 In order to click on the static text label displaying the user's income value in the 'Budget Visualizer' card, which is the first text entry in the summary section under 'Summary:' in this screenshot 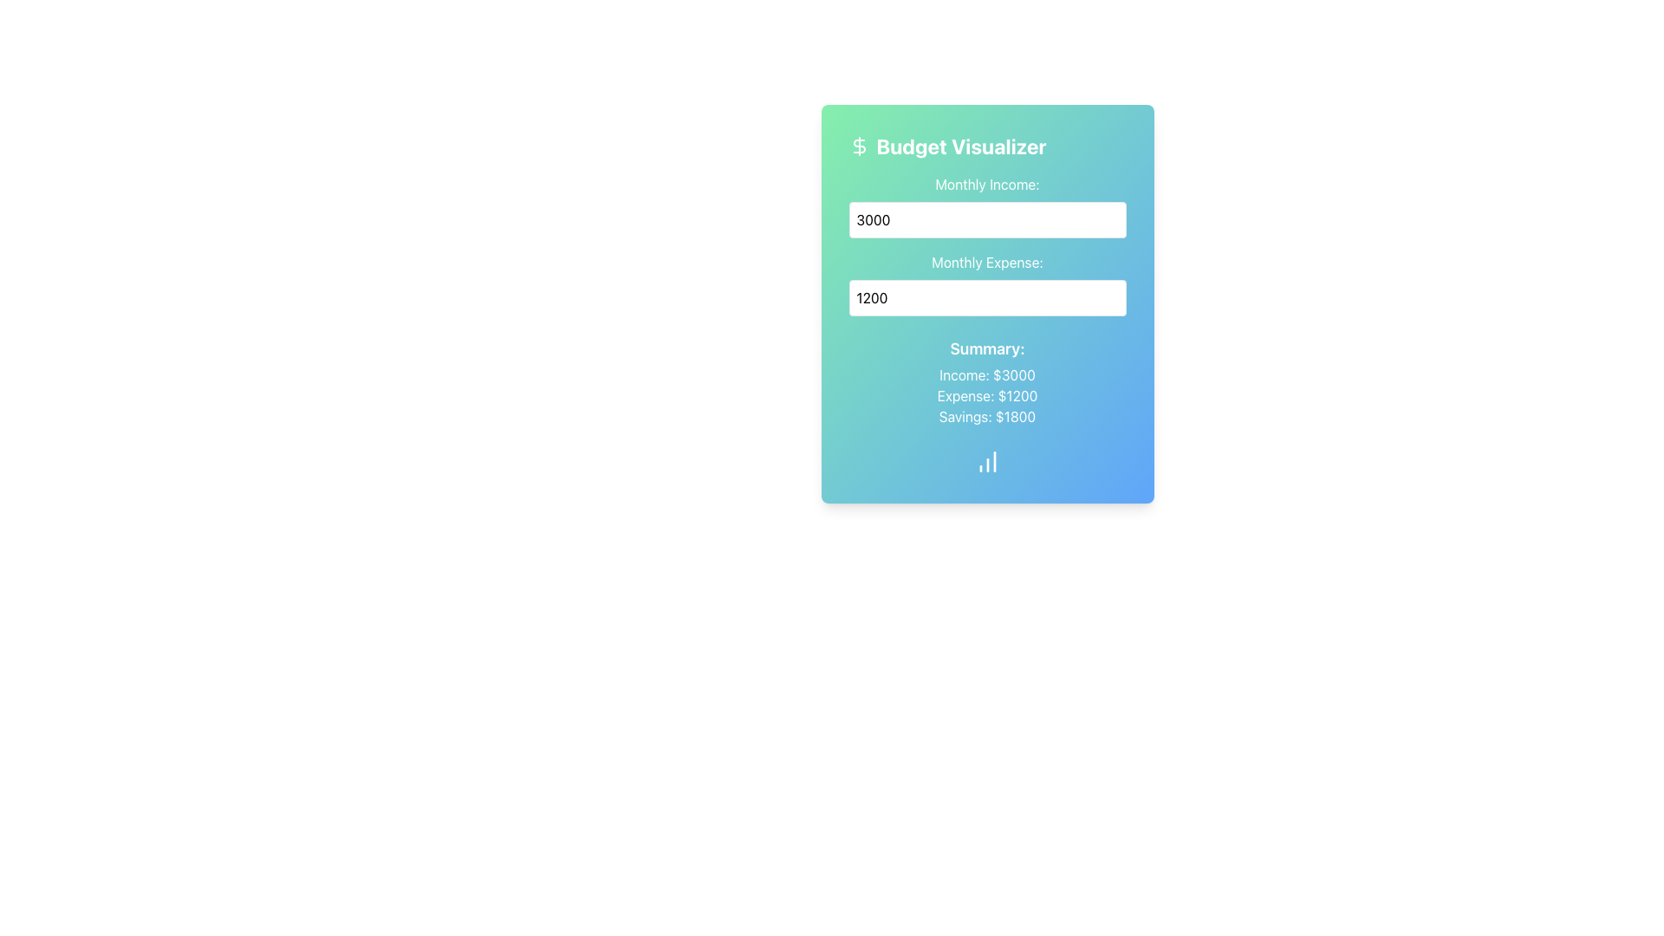, I will do `click(987, 374)`.